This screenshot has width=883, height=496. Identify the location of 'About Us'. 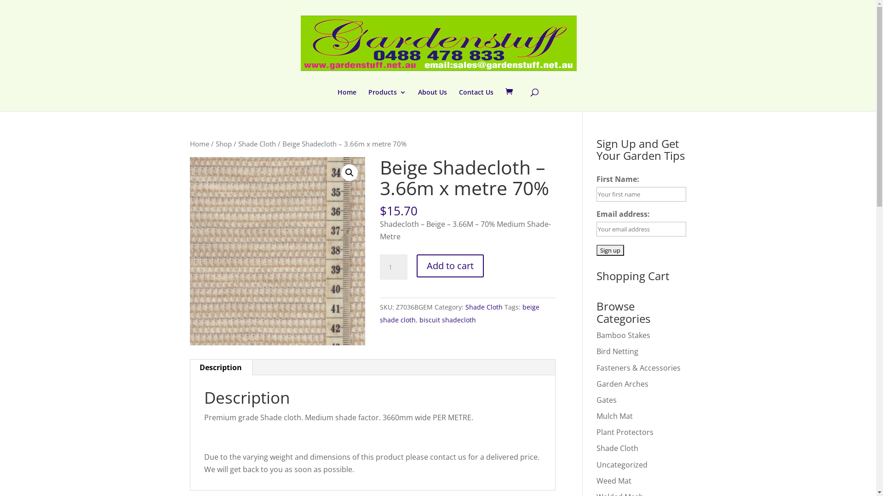
(432, 100).